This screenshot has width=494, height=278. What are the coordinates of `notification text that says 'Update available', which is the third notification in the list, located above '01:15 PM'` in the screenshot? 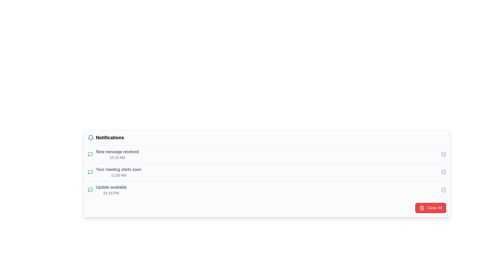 It's located at (111, 190).